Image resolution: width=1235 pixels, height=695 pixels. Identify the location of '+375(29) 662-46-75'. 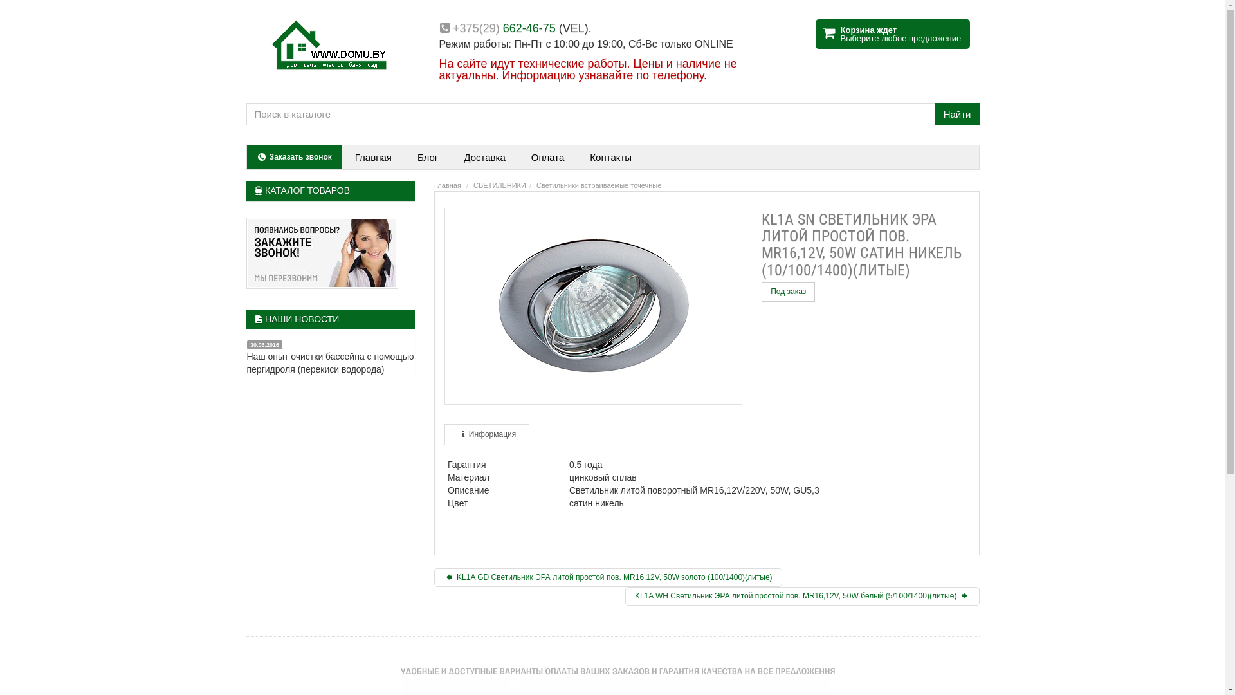
(453, 28).